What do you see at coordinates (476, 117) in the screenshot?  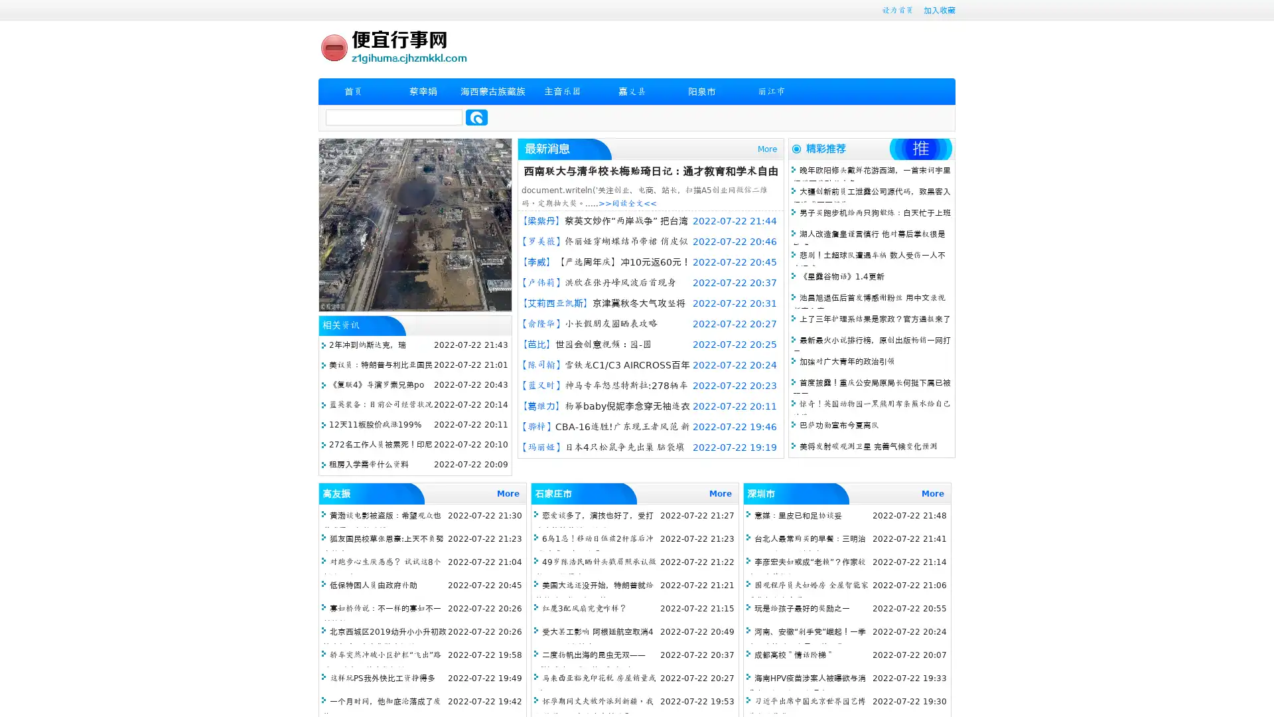 I see `Search` at bounding box center [476, 117].